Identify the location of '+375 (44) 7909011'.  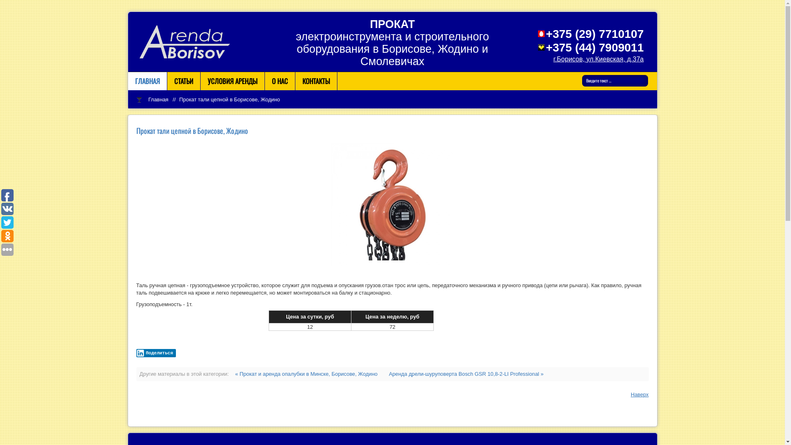
(594, 47).